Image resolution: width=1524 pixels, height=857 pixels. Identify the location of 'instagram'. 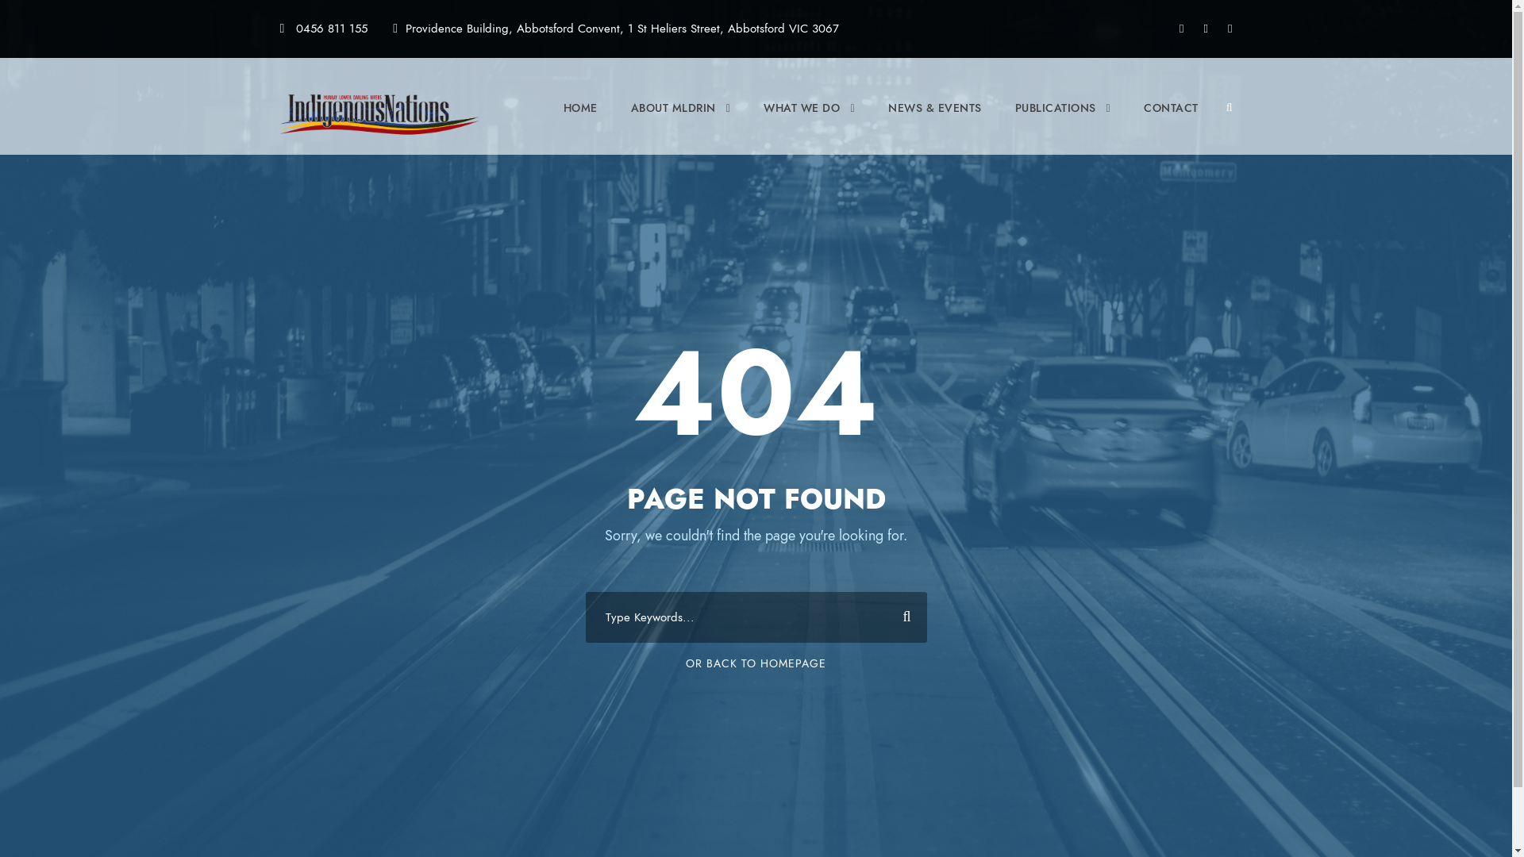
(1229, 28).